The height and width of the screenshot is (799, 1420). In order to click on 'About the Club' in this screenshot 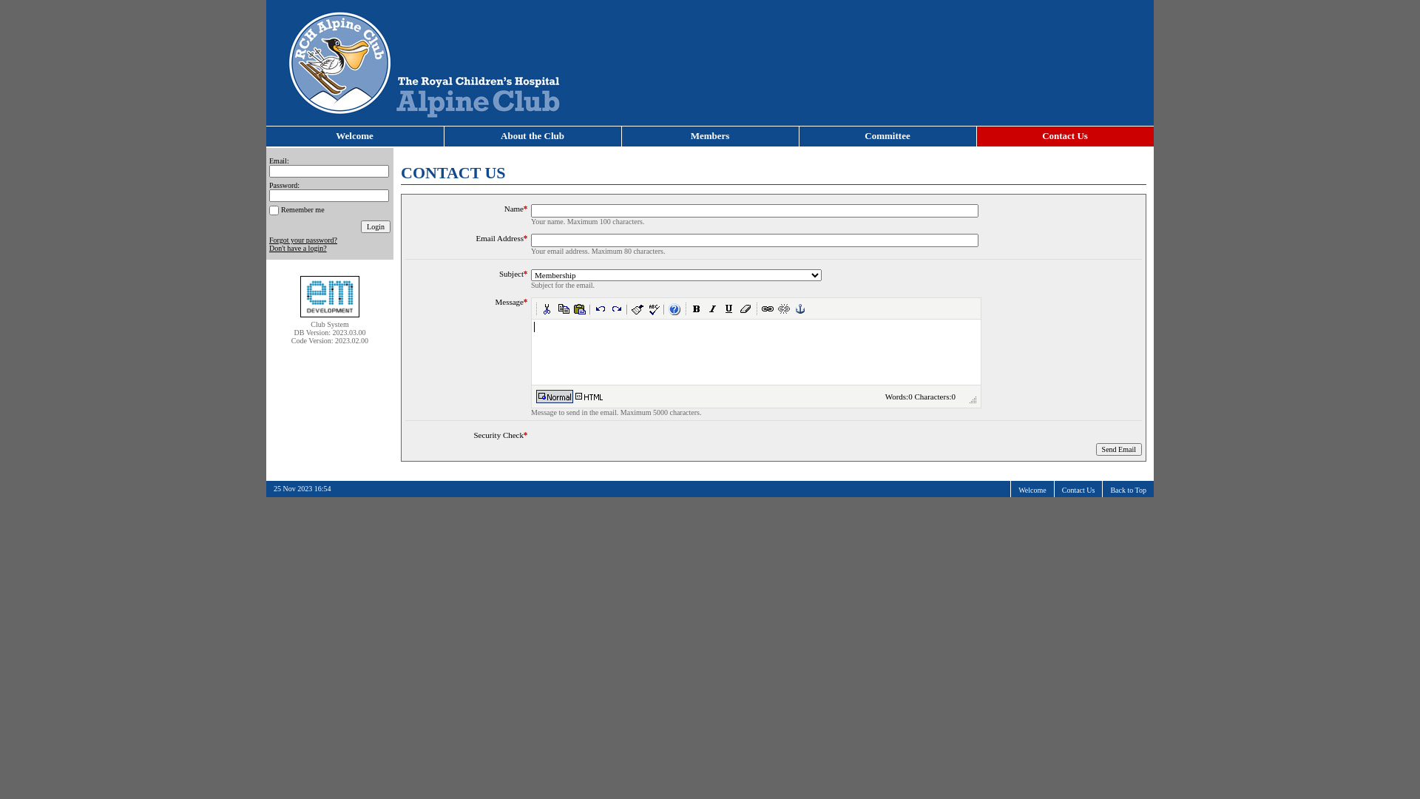, I will do `click(532, 136)`.